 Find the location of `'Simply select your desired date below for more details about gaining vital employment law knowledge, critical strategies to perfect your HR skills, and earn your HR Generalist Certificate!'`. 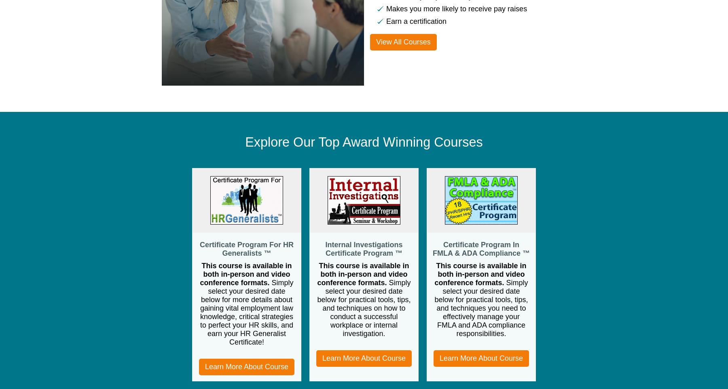

'Simply select your desired date below for more details about gaining vital employment law knowledge, critical strategies to perfect your HR skills, and earn your HR Generalist Certificate!' is located at coordinates (246, 312).